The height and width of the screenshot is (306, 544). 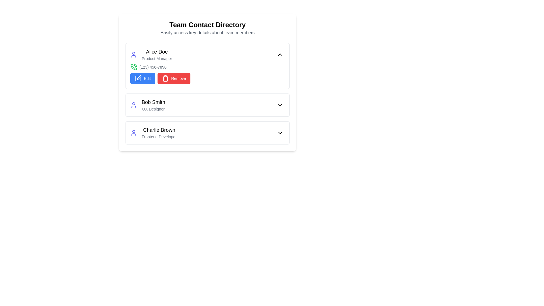 I want to click on the downward-pointing chevron icon button, so click(x=280, y=105).